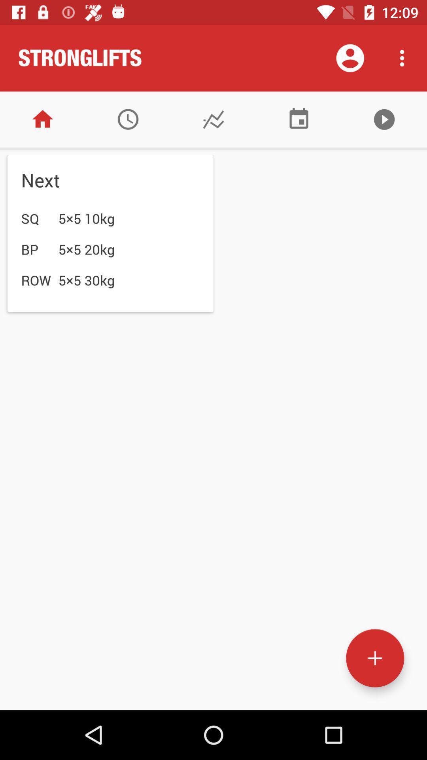 This screenshot has width=427, height=760. Describe the element at coordinates (384, 119) in the screenshot. I see `song` at that location.